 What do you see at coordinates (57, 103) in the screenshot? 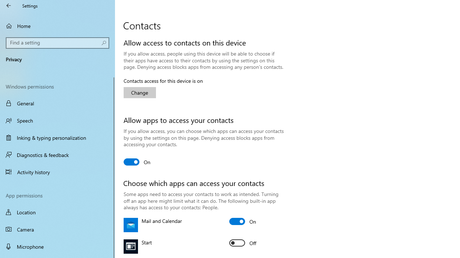
I see `'General'` at bounding box center [57, 103].